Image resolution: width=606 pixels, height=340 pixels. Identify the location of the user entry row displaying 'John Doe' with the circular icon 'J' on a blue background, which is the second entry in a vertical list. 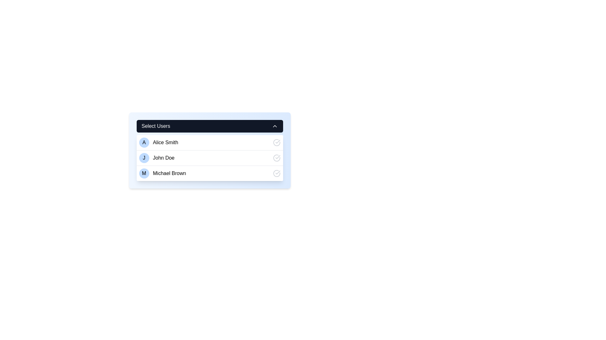
(157, 157).